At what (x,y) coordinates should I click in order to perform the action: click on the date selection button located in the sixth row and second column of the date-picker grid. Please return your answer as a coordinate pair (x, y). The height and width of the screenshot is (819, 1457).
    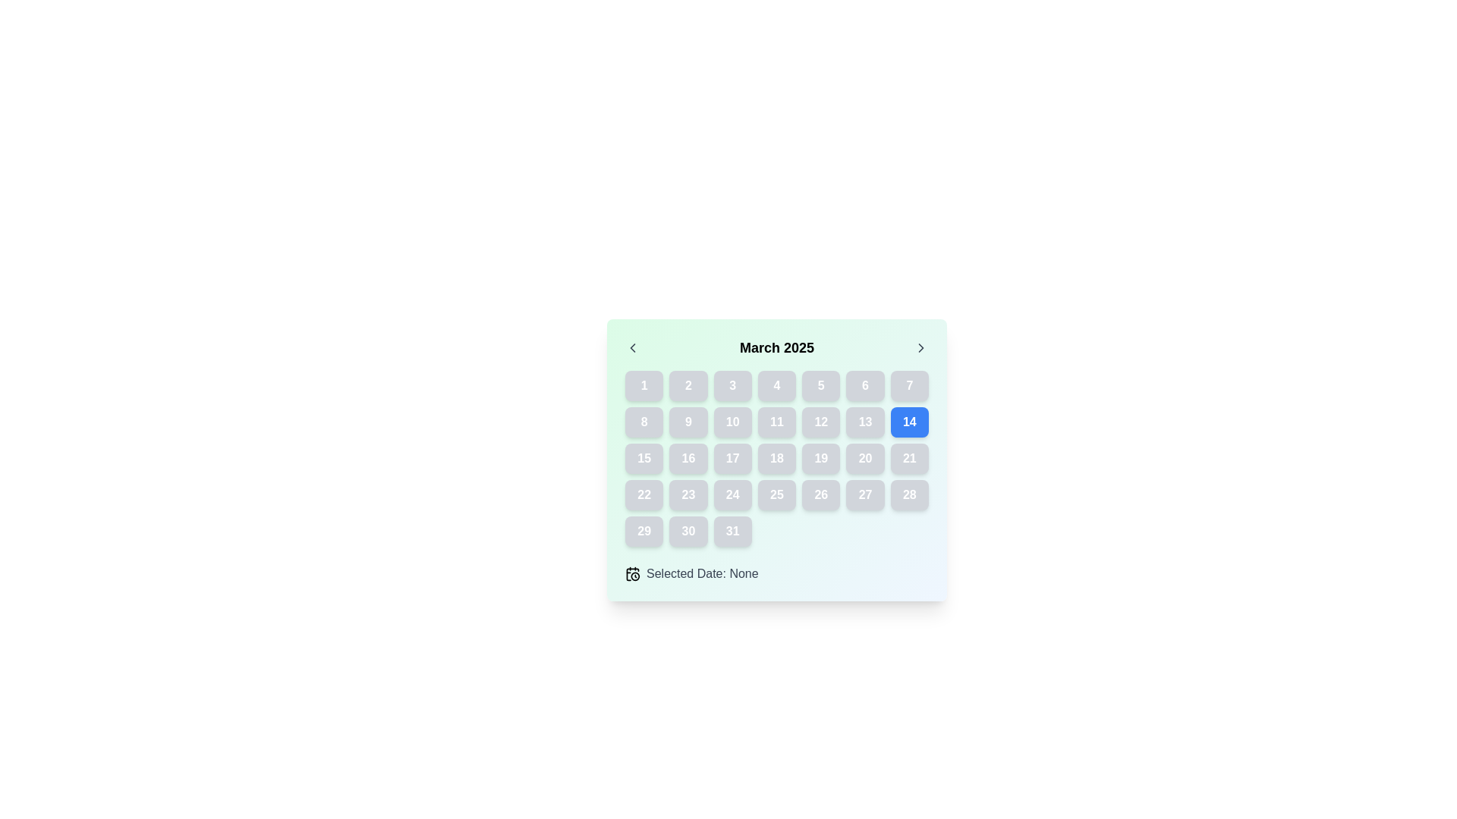
    Looking at the image, I should click on (688, 494).